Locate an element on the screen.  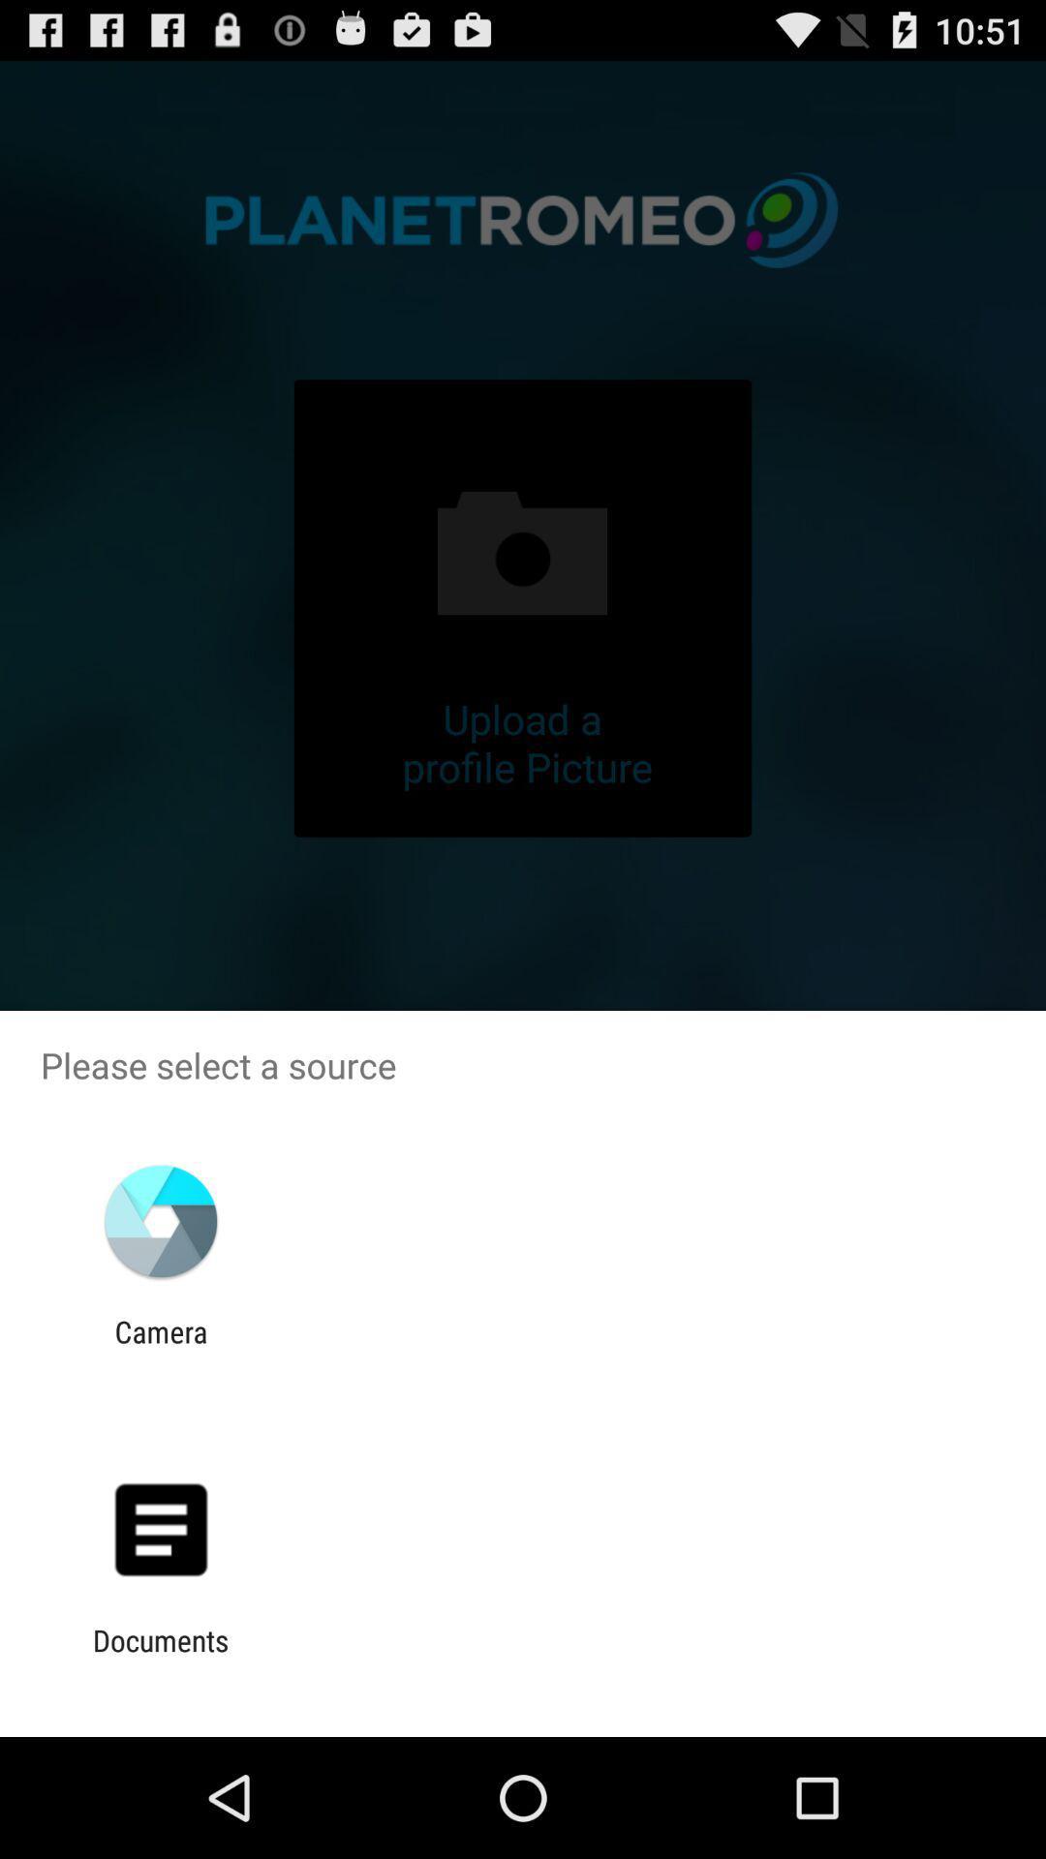
the documents is located at coordinates (160, 1657).